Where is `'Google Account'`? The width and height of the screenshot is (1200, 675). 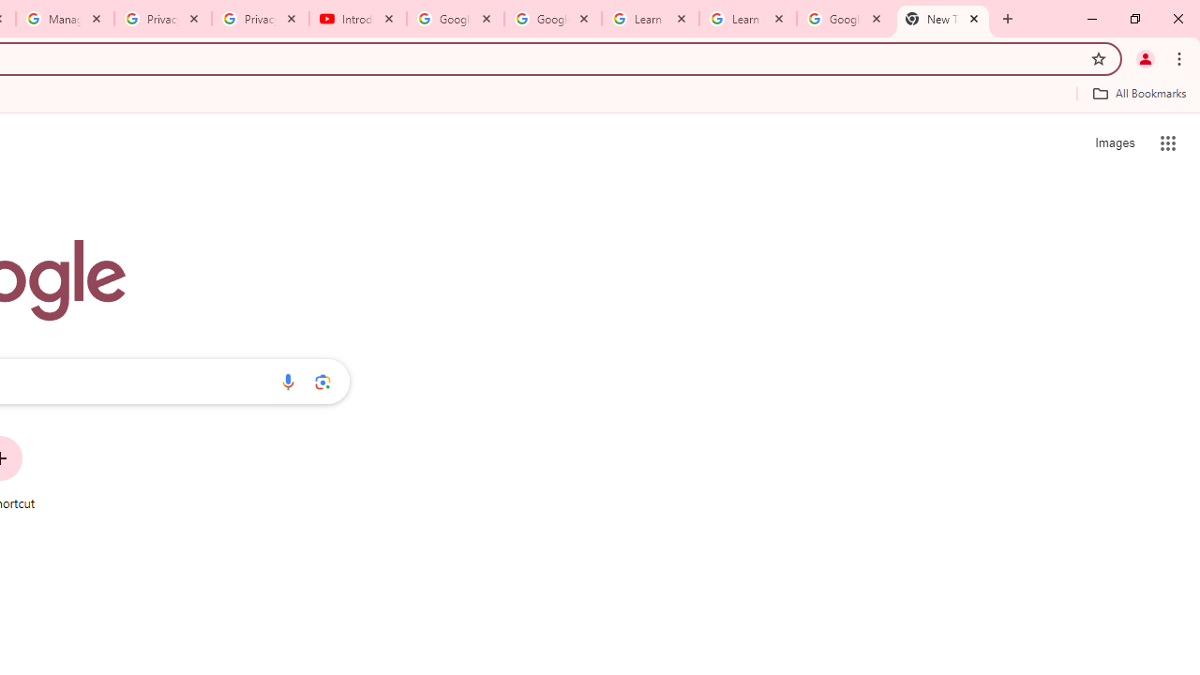 'Google Account' is located at coordinates (844, 19).